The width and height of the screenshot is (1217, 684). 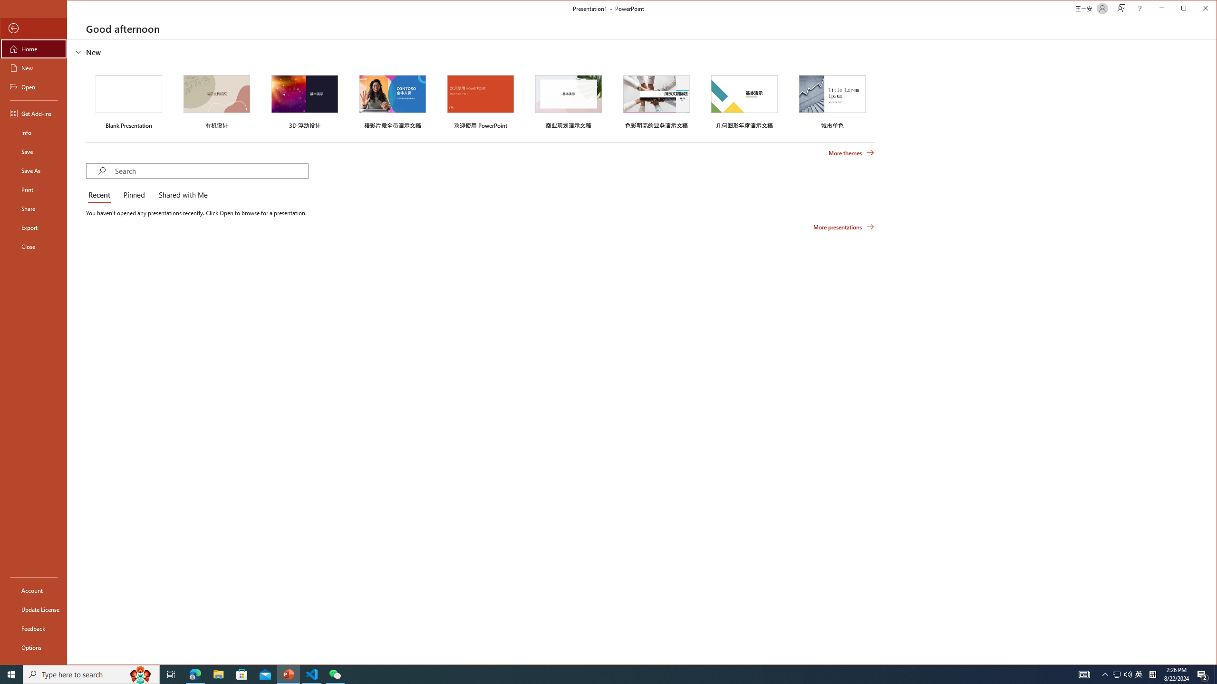 What do you see at coordinates (33, 647) in the screenshot?
I see `'Options'` at bounding box center [33, 647].